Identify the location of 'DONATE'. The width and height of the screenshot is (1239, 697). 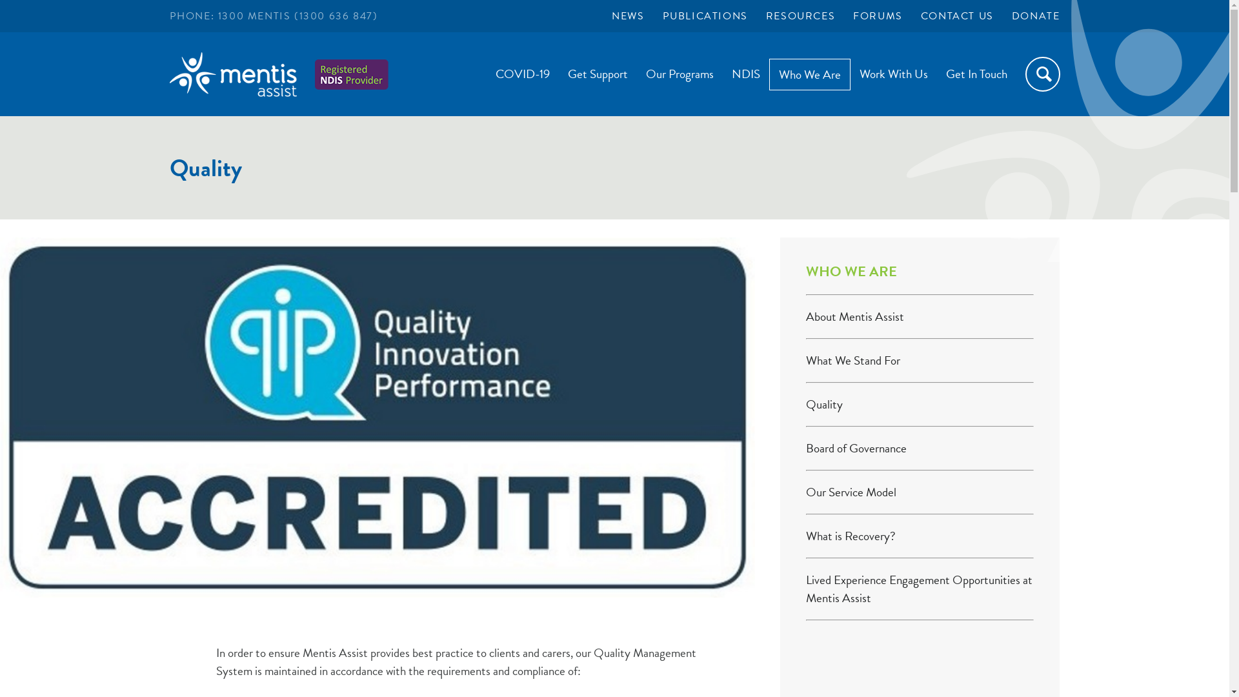
(1011, 15).